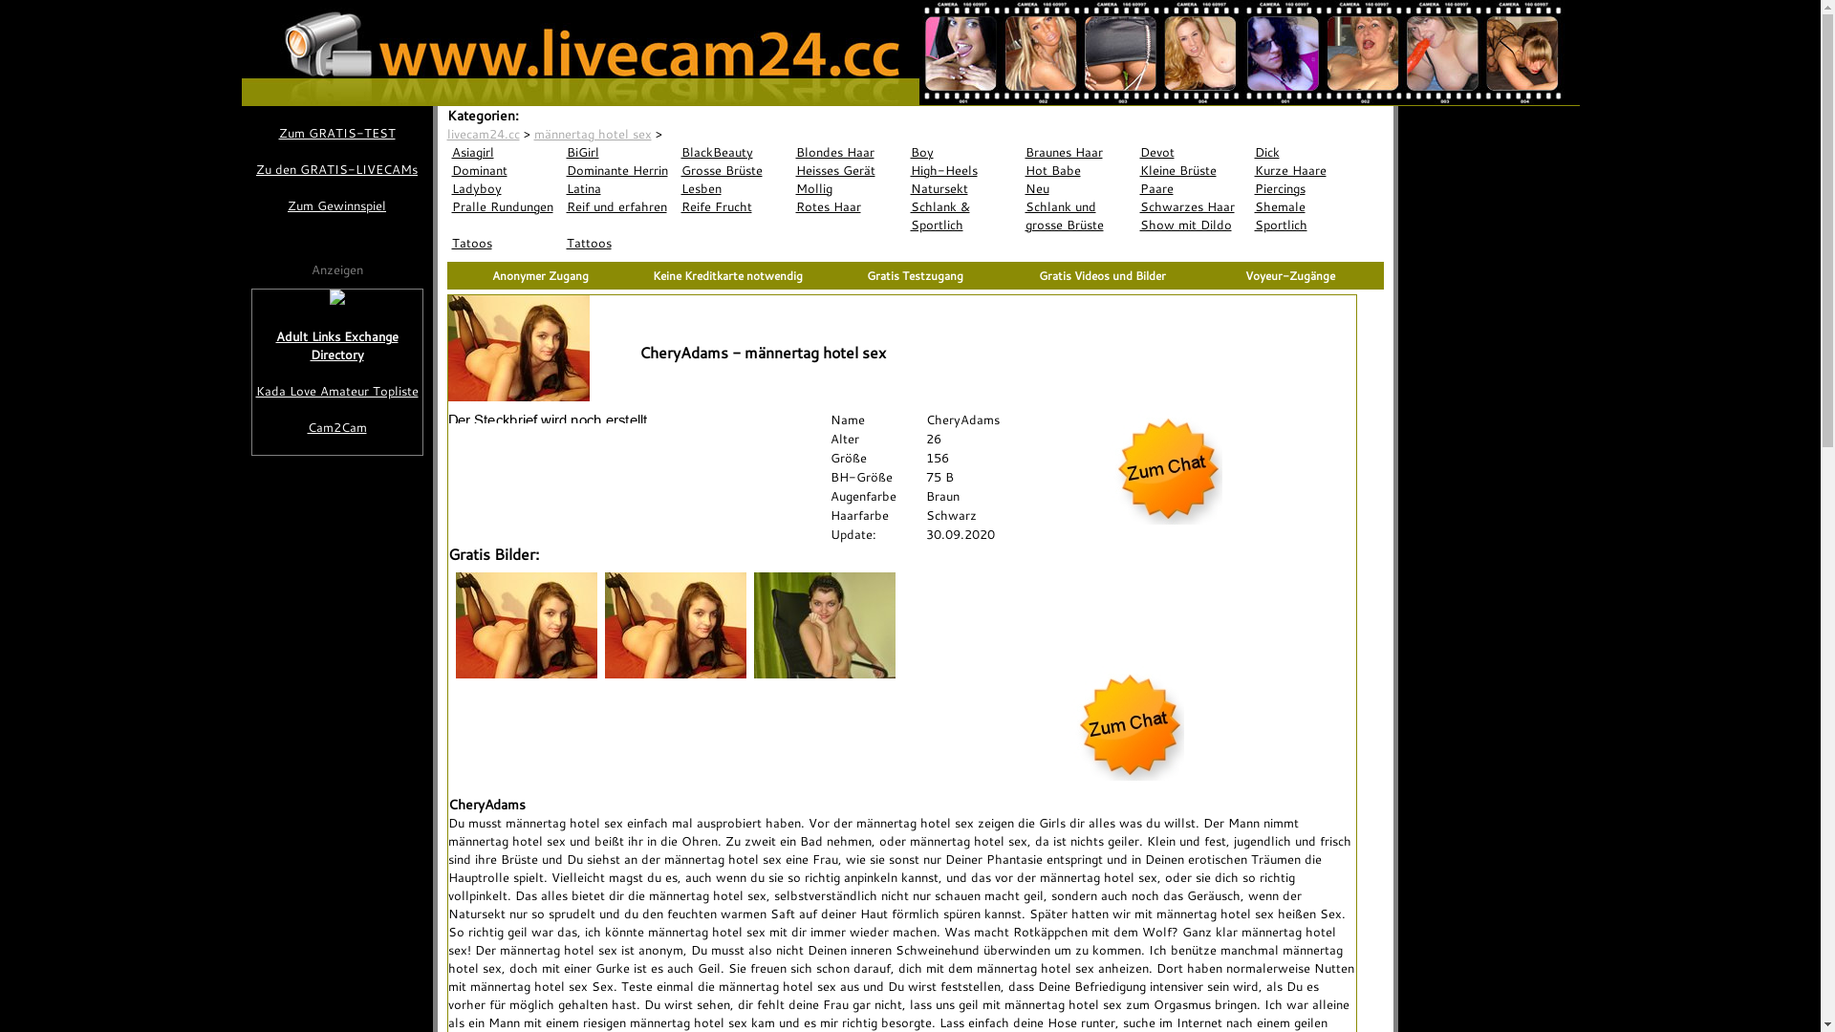  Describe the element at coordinates (335, 205) in the screenshot. I see `'Zum Gewinnspiel'` at that location.